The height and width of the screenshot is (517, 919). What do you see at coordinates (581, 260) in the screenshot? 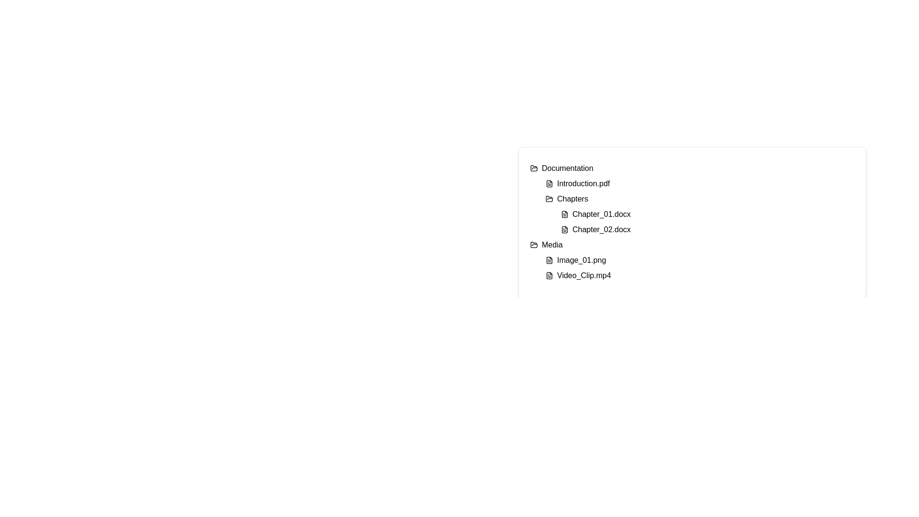
I see `the text label displaying 'Image_01.png'` at bounding box center [581, 260].